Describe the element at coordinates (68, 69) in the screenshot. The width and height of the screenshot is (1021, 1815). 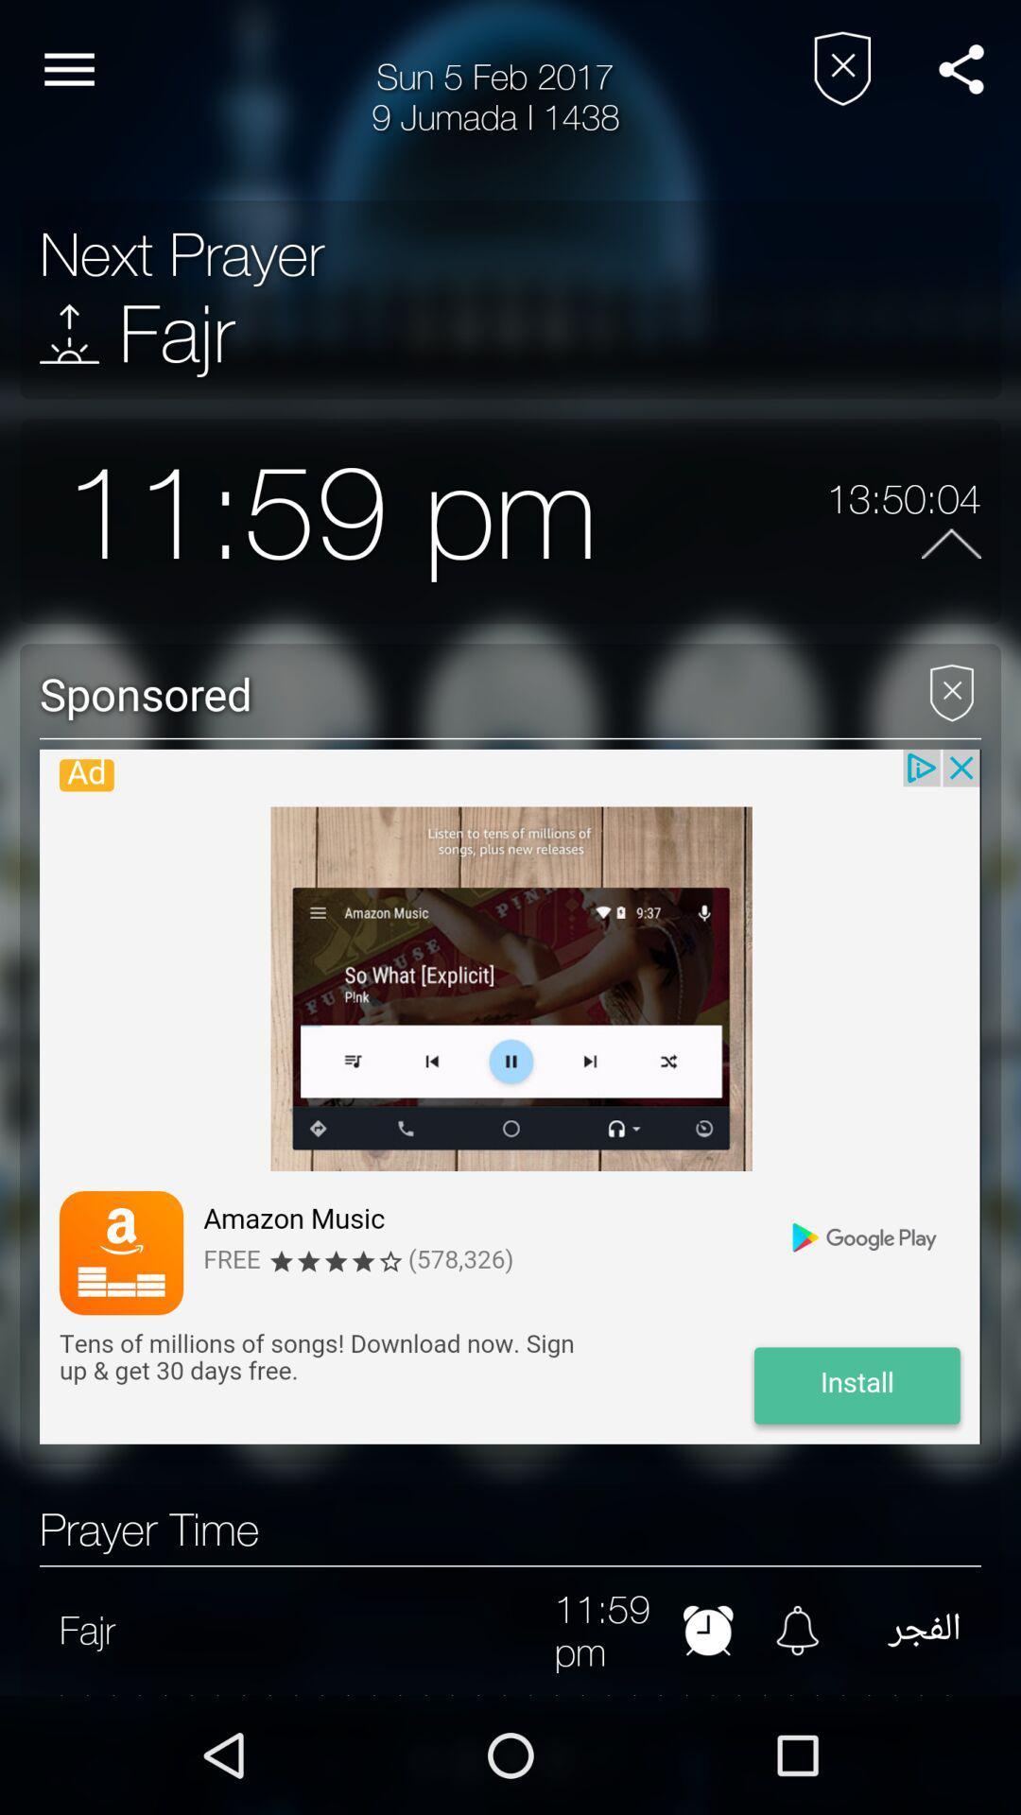
I see `item to the left of 9 jumada i` at that location.